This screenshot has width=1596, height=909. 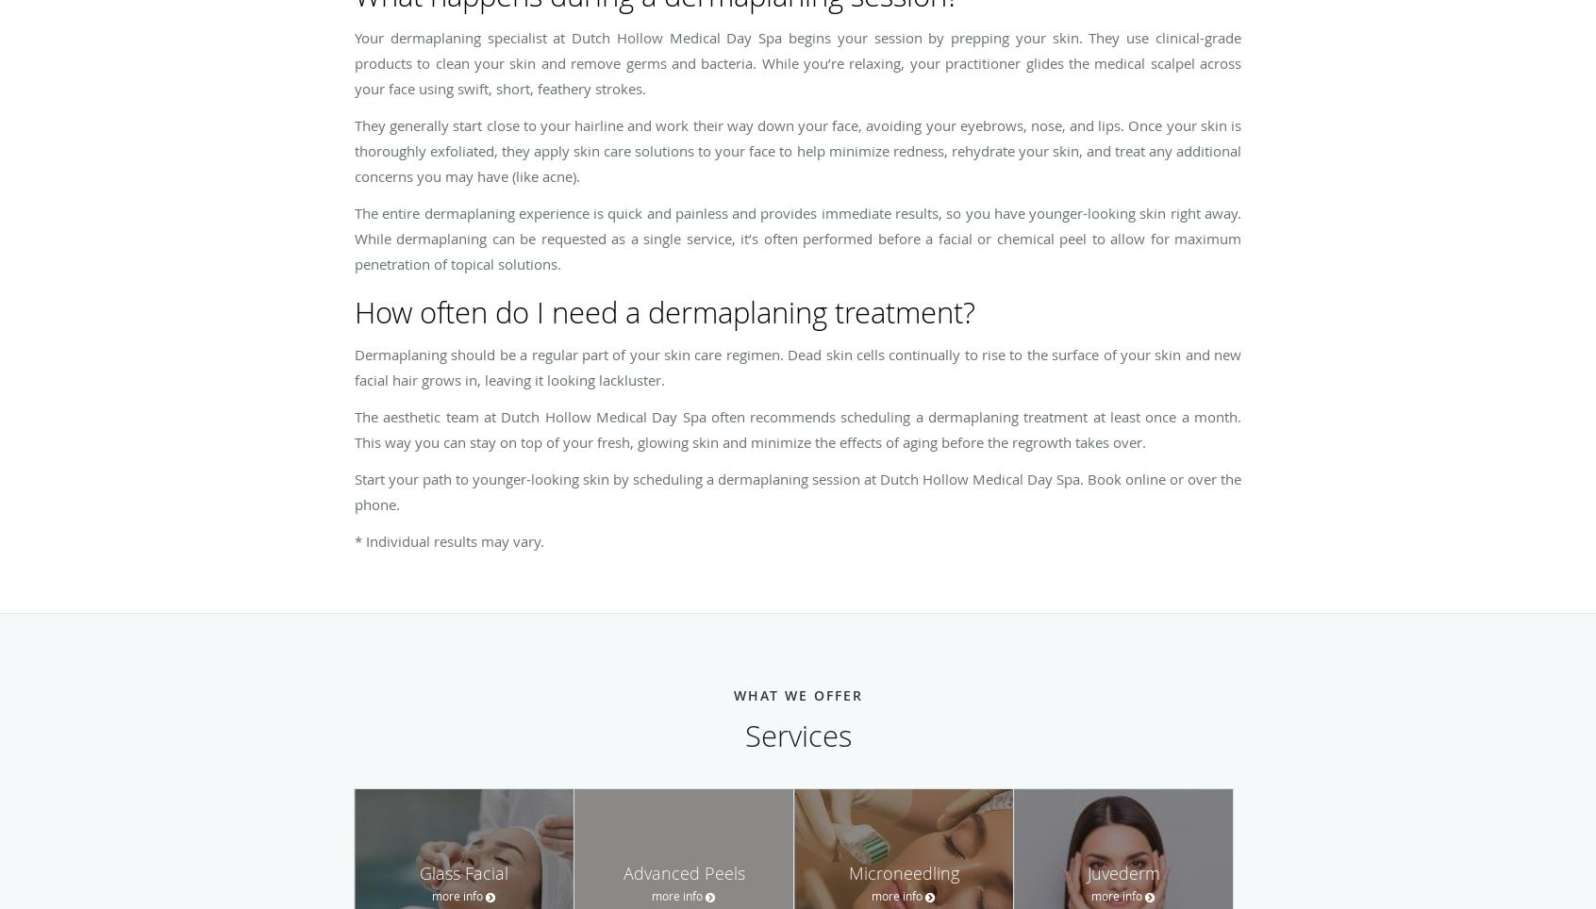 I want to click on 'Advanced Peels', so click(x=623, y=873).